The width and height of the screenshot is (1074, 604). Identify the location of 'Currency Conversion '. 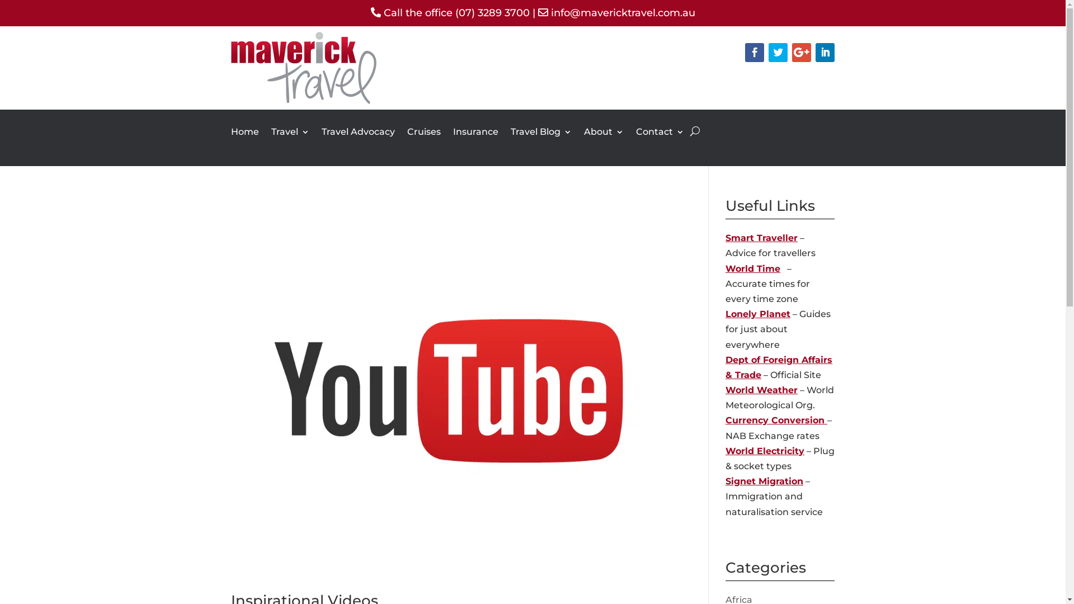
(775, 420).